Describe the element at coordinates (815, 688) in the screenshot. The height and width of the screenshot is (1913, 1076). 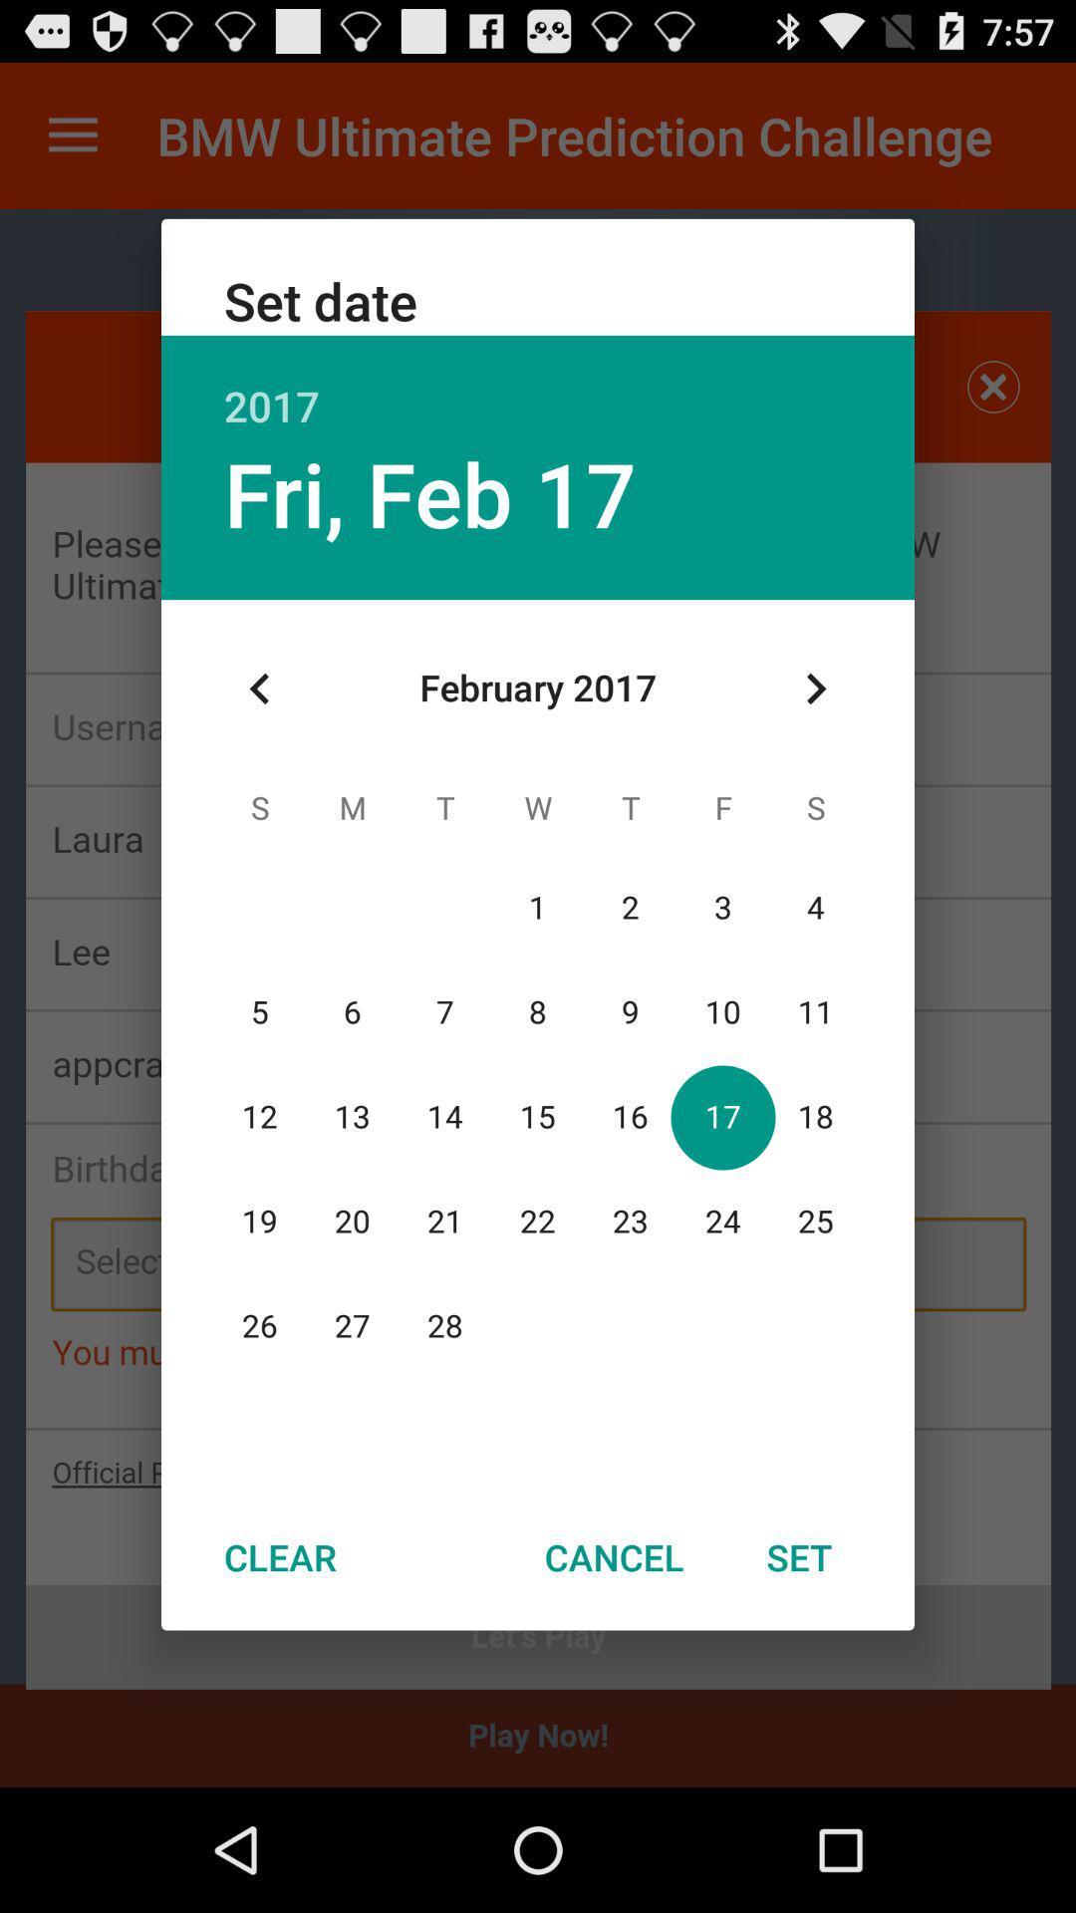
I see `the icon on the right` at that location.